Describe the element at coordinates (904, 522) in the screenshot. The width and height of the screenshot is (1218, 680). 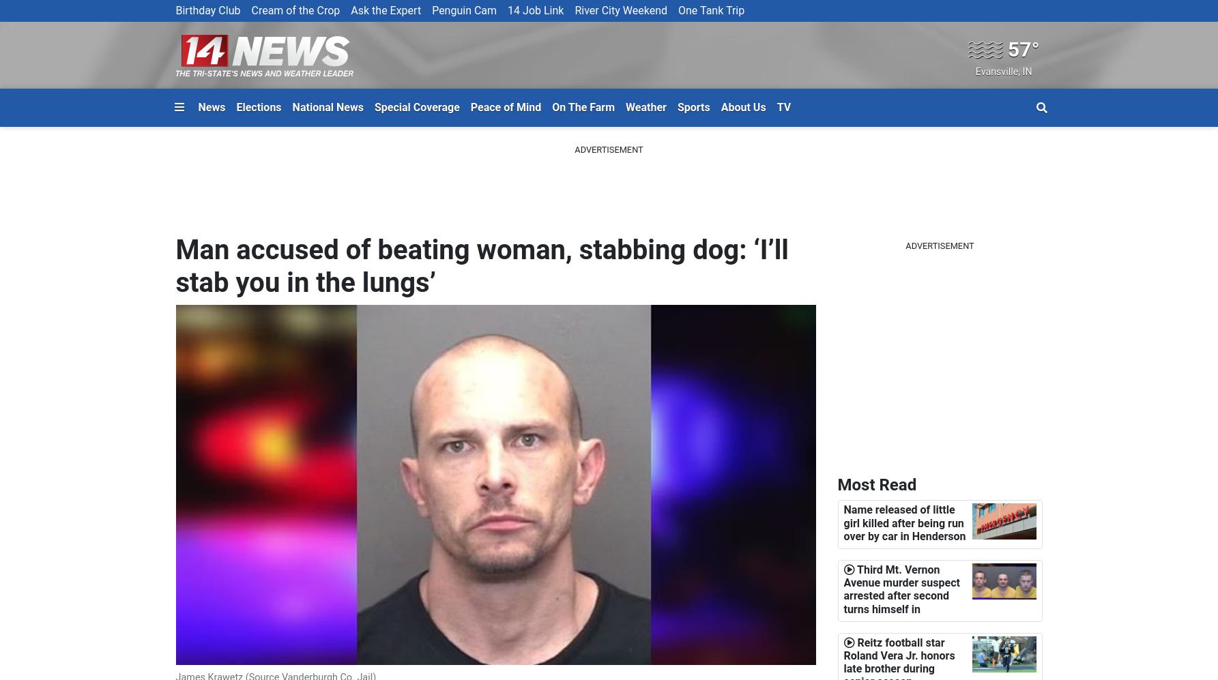
I see `'Name released of little girl killed after being run over by car in Henderson'` at that location.